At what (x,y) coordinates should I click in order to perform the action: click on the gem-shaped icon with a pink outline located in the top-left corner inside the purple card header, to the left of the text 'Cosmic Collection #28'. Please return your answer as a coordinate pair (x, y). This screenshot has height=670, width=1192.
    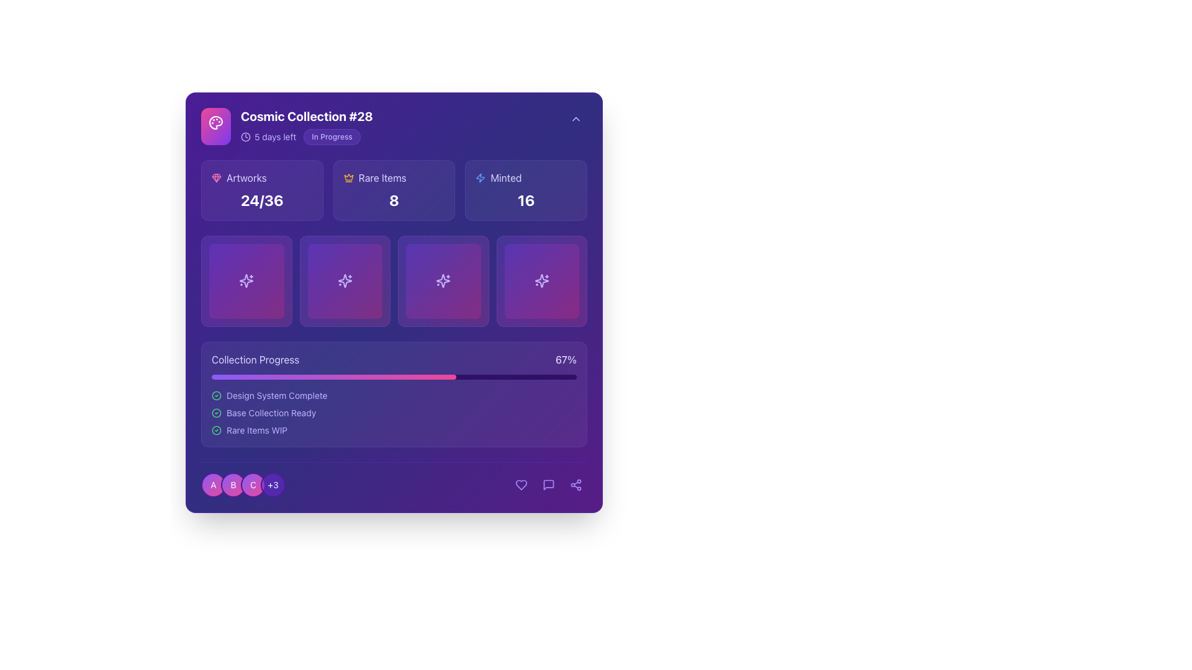
    Looking at the image, I should click on (217, 177).